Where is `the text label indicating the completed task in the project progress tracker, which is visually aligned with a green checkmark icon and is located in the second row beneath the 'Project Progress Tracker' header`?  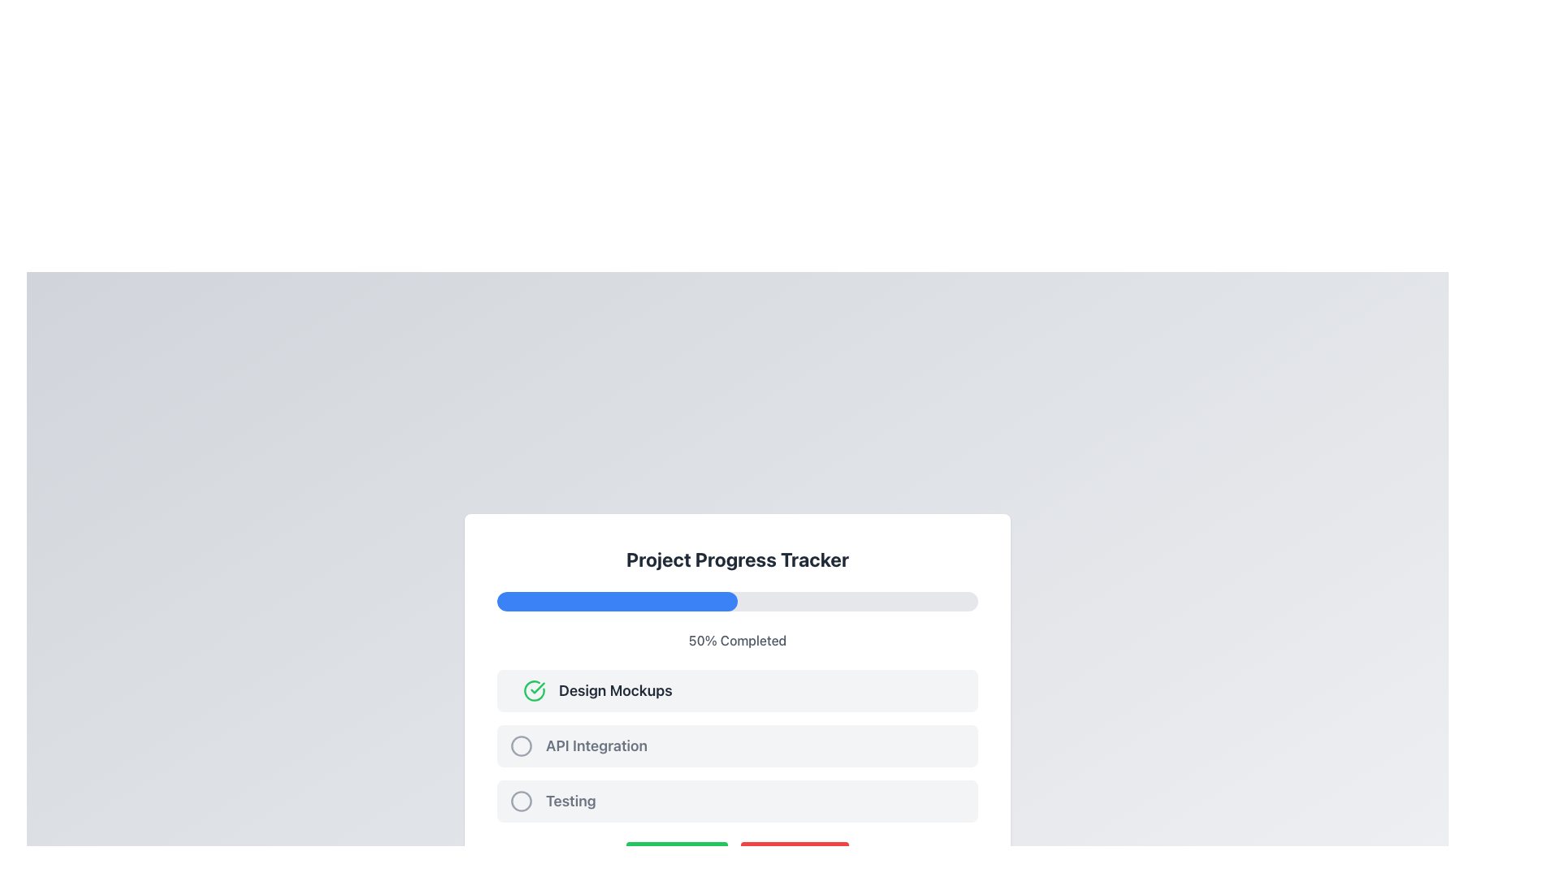 the text label indicating the completed task in the project progress tracker, which is visually aligned with a green checkmark icon and is located in the second row beneath the 'Project Progress Tracker' header is located at coordinates (614, 691).